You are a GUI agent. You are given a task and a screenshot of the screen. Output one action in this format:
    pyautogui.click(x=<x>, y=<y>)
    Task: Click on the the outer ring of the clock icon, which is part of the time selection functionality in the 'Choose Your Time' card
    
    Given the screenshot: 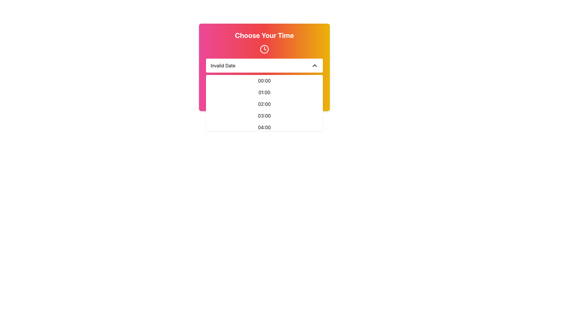 What is the action you would take?
    pyautogui.click(x=264, y=49)
    